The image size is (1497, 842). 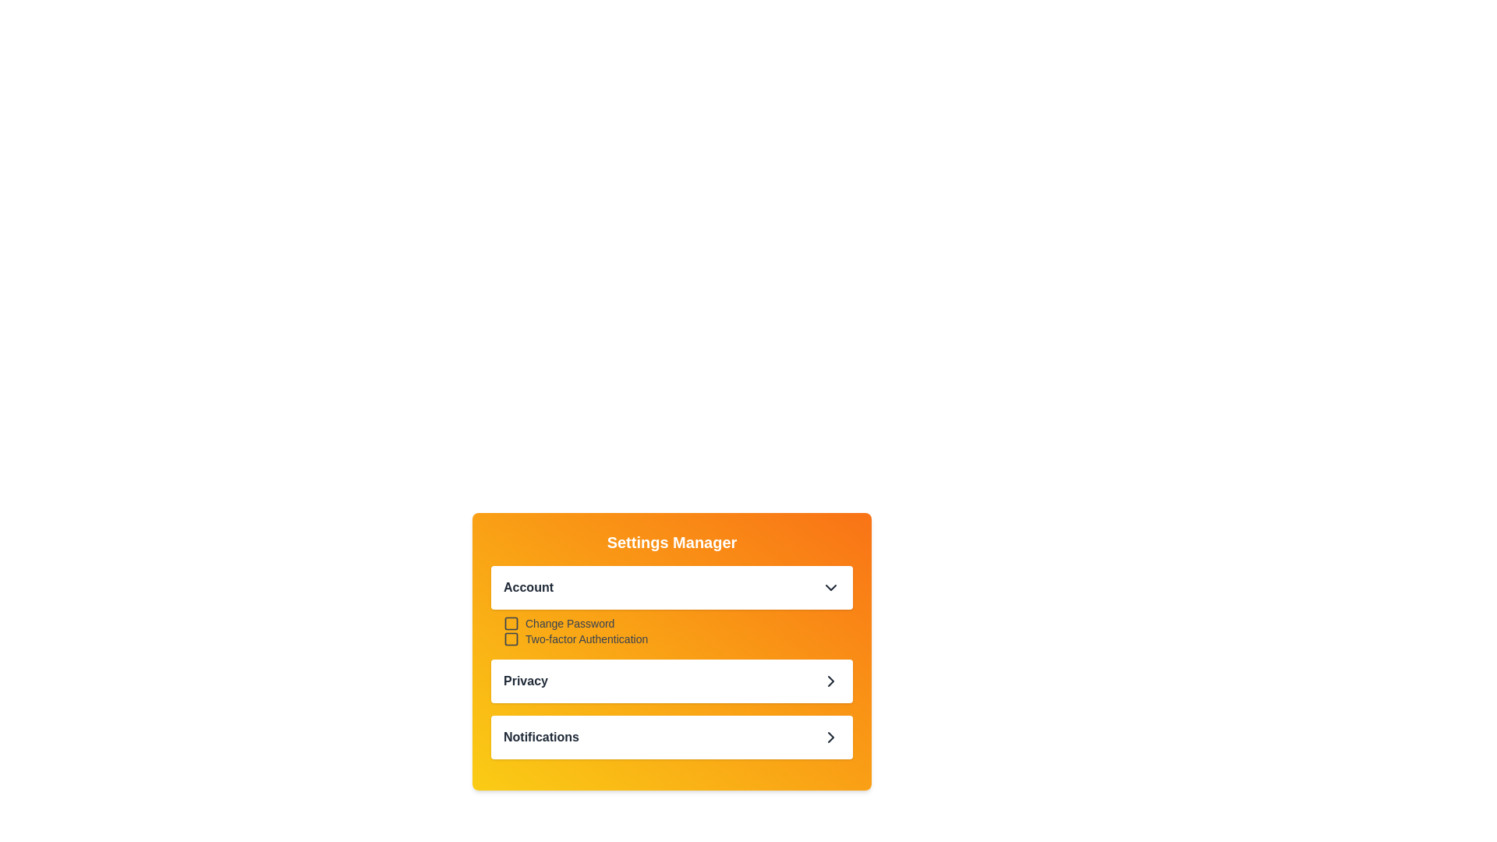 What do you see at coordinates (511, 622) in the screenshot?
I see `the small, square-shaped orange icon located next to the 'Change Password' text under the 'Account' dropdown menu in the 'Settings Manager' section` at bounding box center [511, 622].